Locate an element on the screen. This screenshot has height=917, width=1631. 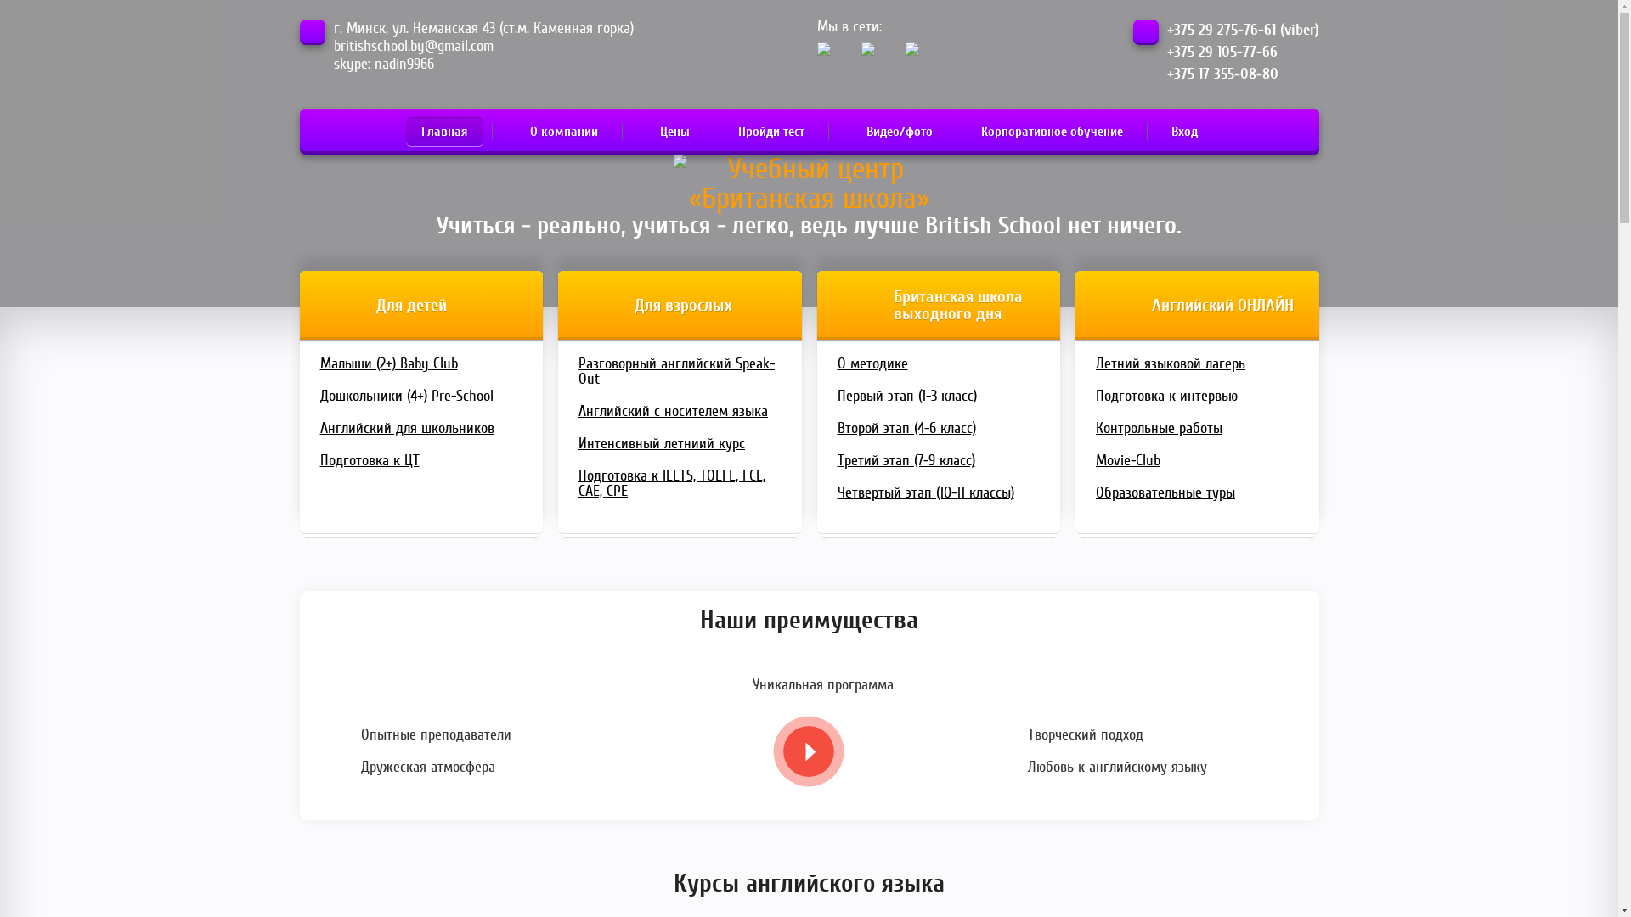
'+375 17 355-08-80' is located at coordinates (1222, 73).